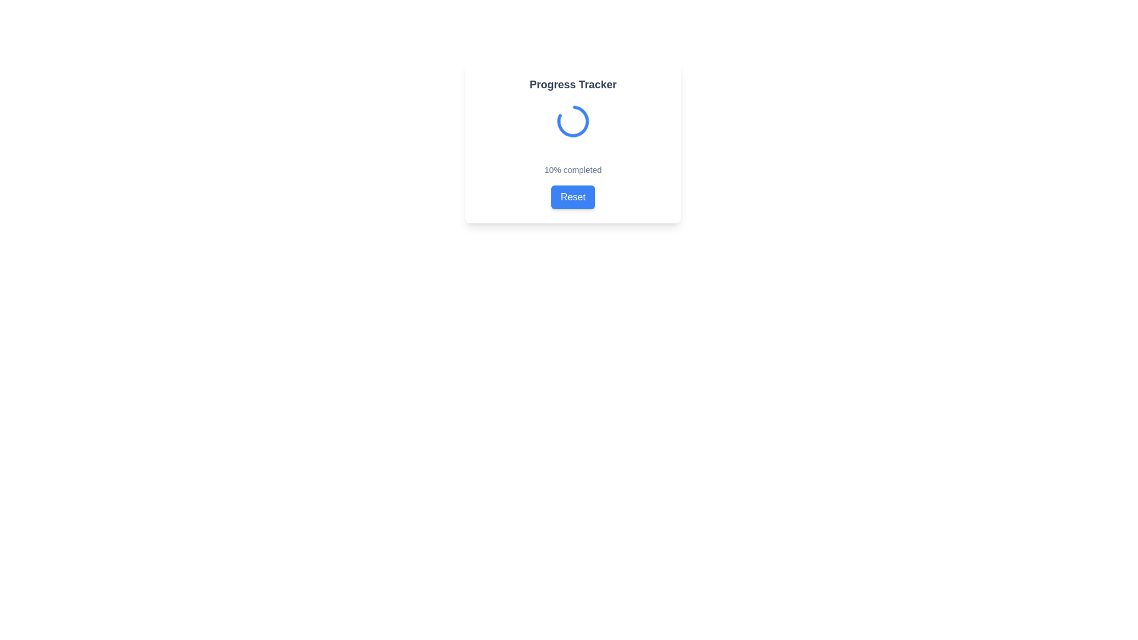 This screenshot has width=1138, height=640. What do you see at coordinates (573, 121) in the screenshot?
I see `the spinning progress animation of the blue loading indicator (spinner) located at the center of the card labeled 'Progress Tracker'` at bounding box center [573, 121].